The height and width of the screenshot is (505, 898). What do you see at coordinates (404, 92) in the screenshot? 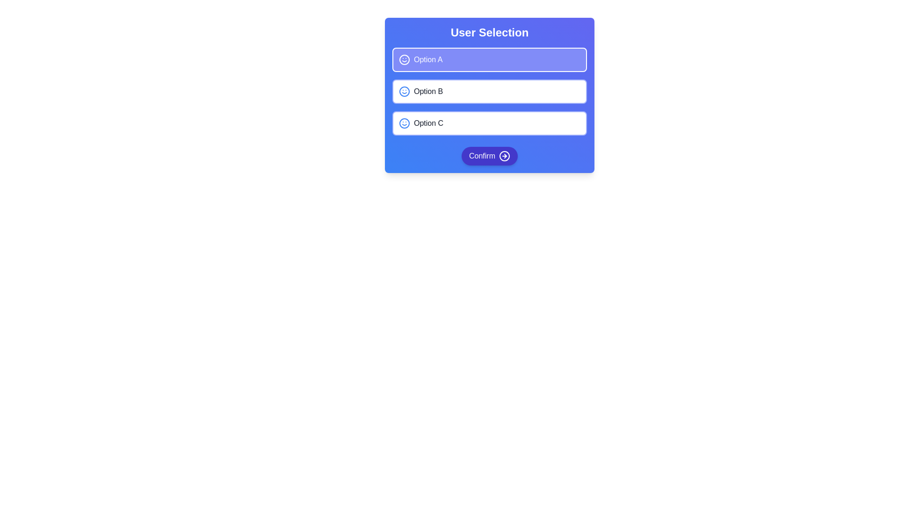
I see `the 'Option B' selection icon in the 'User Selection' interface, which provides a graphical cue for this option` at bounding box center [404, 92].